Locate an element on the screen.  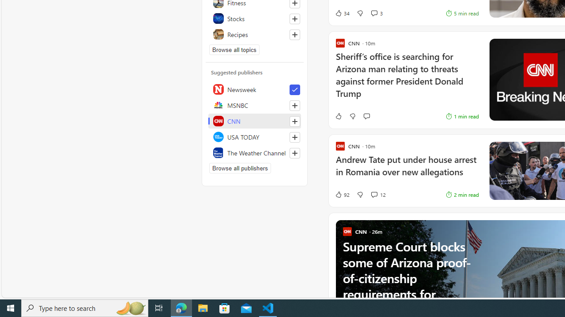
'View comments 3 Comment' is located at coordinates (377, 13).